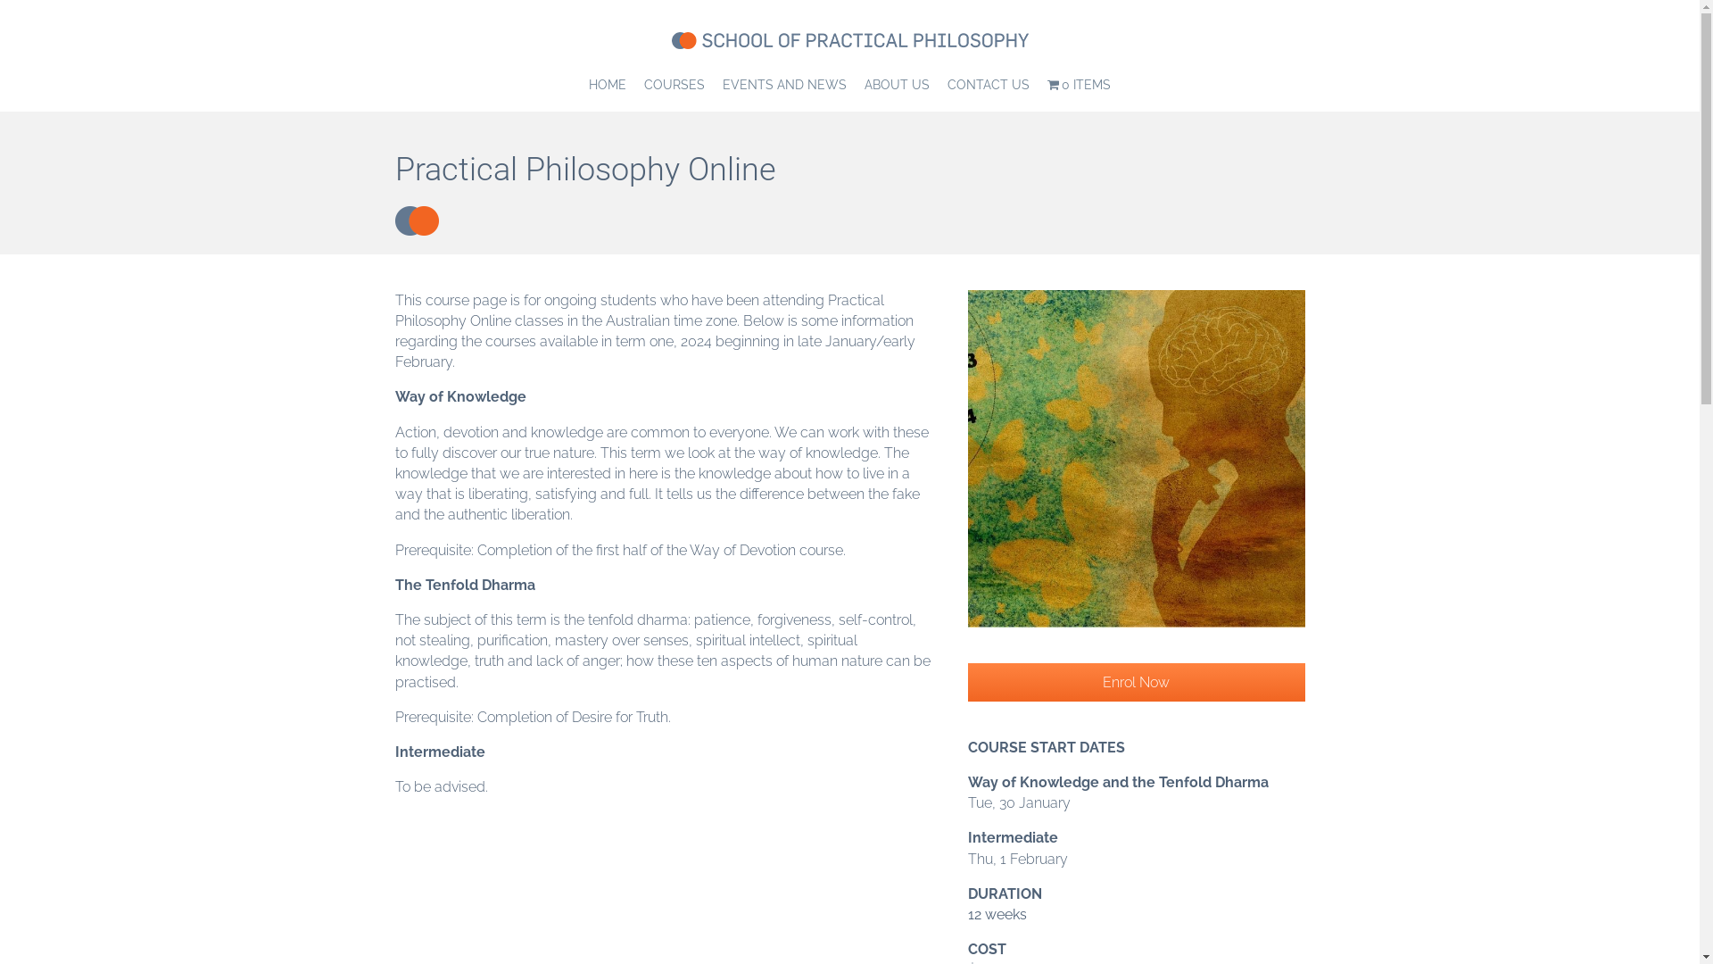 This screenshot has height=964, width=1713. Describe the element at coordinates (988, 85) in the screenshot. I see `'CONTACT US'` at that location.